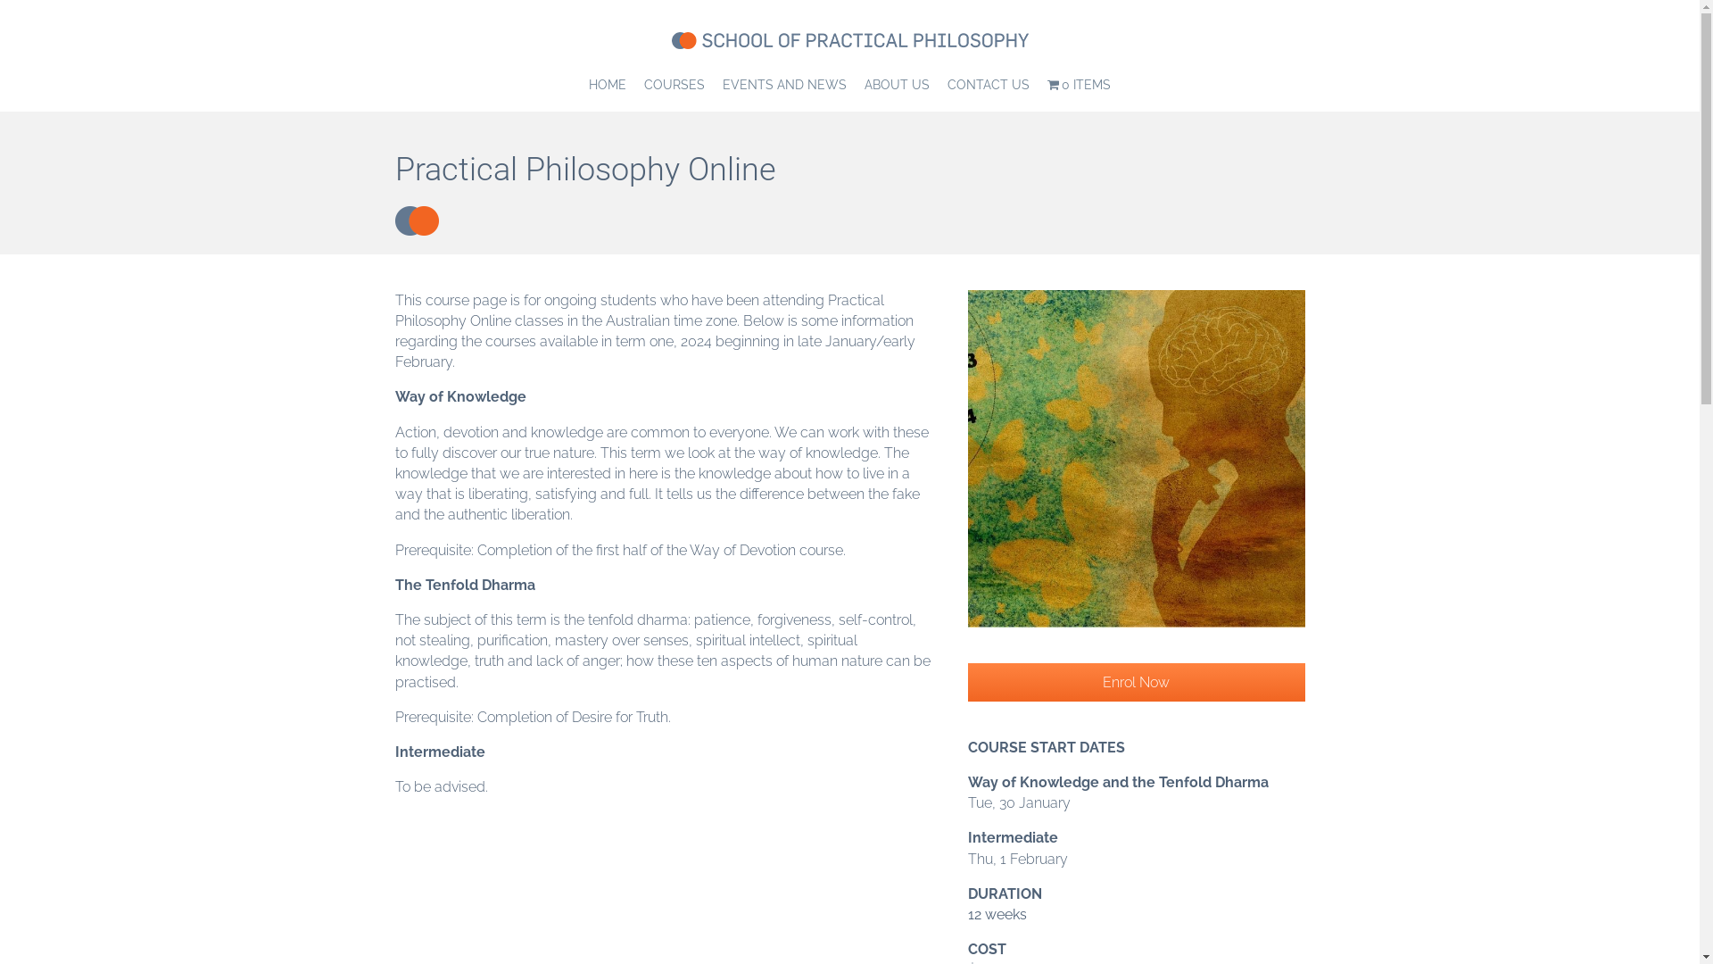 This screenshot has height=964, width=1713. Describe the element at coordinates (988, 85) in the screenshot. I see `'CONTACT US'` at that location.